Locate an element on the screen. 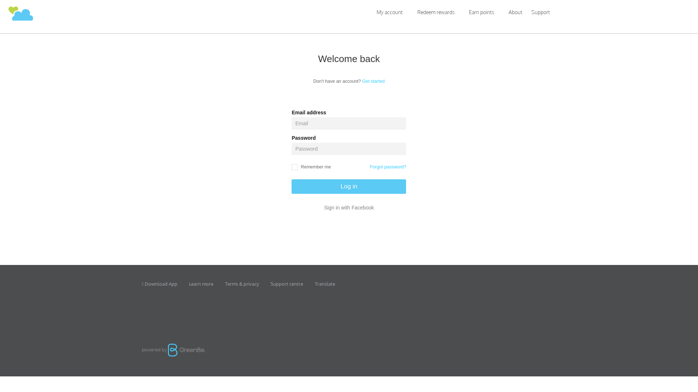 This screenshot has height=392, width=698. 'Learn more' is located at coordinates (201, 283).